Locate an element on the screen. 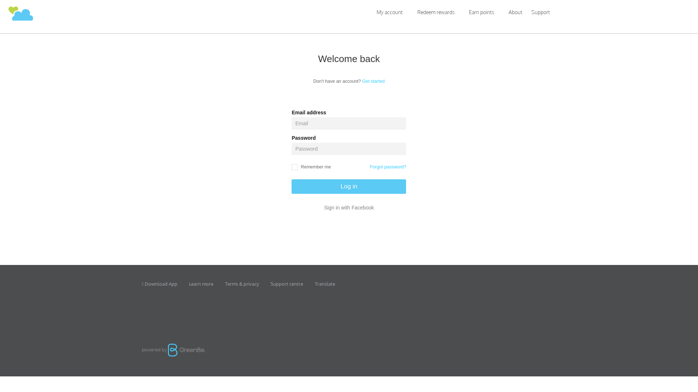 This screenshot has height=392, width=698. 'Learn more' is located at coordinates (201, 283).